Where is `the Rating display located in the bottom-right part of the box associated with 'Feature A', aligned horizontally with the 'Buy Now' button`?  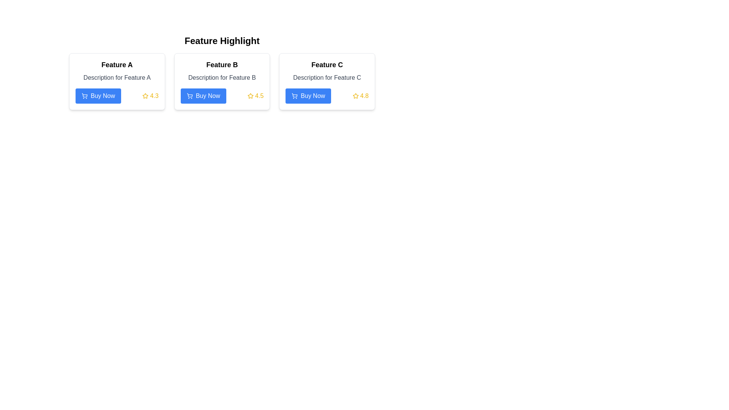
the Rating display located in the bottom-right part of the box associated with 'Feature A', aligned horizontally with the 'Buy Now' button is located at coordinates (150, 96).